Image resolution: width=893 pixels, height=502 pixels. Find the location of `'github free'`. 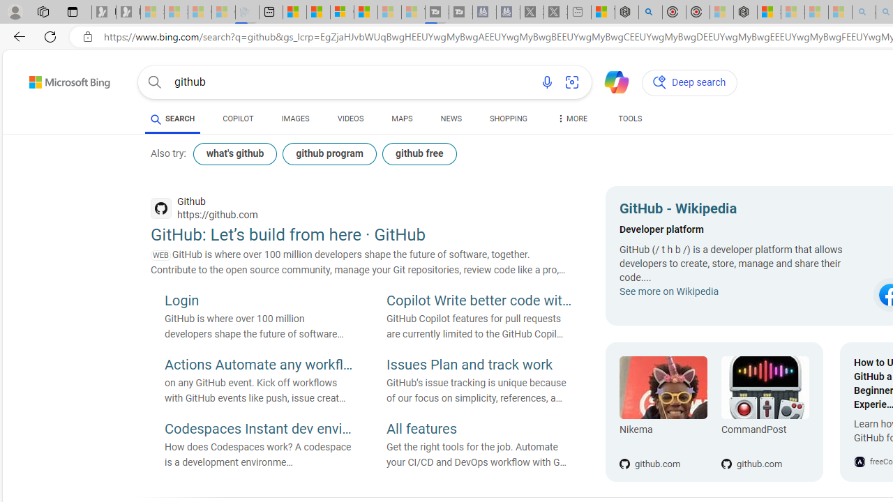

'github free' is located at coordinates (418, 154).